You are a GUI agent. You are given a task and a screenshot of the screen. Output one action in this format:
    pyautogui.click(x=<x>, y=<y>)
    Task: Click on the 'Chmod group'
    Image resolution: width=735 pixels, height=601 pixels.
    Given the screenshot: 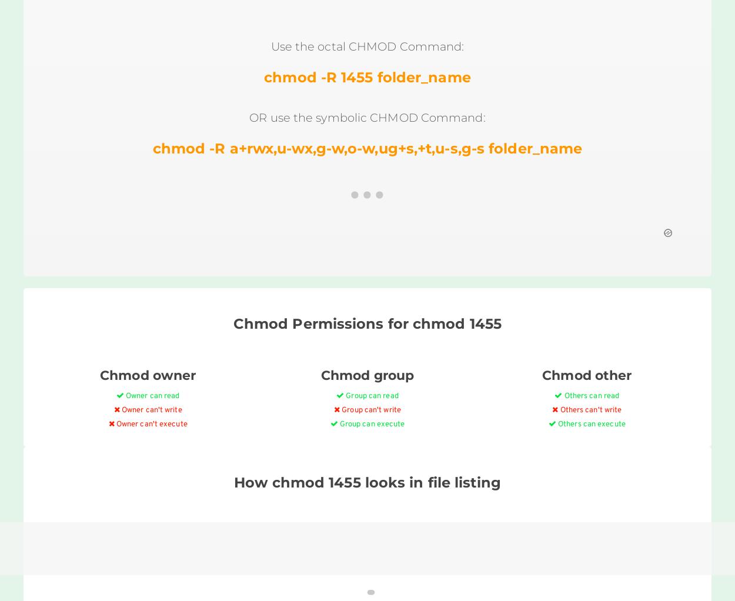 What is the action you would take?
    pyautogui.click(x=366, y=375)
    